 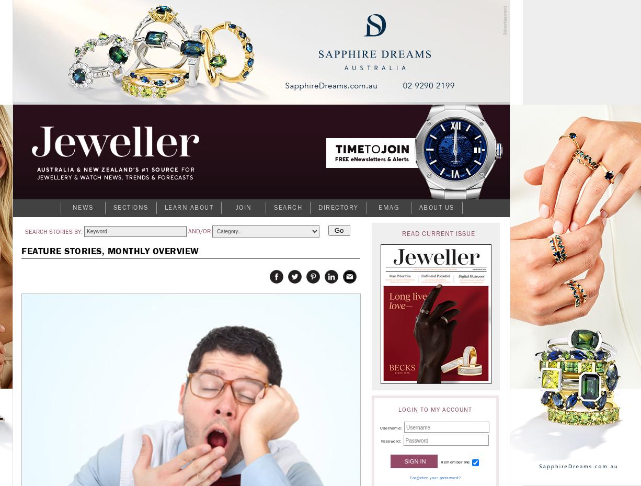 What do you see at coordinates (438, 233) in the screenshot?
I see `'Read current issue'` at bounding box center [438, 233].